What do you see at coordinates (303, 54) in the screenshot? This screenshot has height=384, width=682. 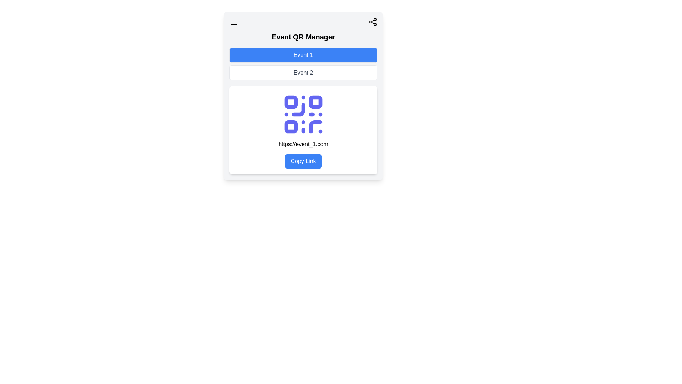 I see `the button labeled 'Event 1' with a blue background and white text to change its background color` at bounding box center [303, 54].